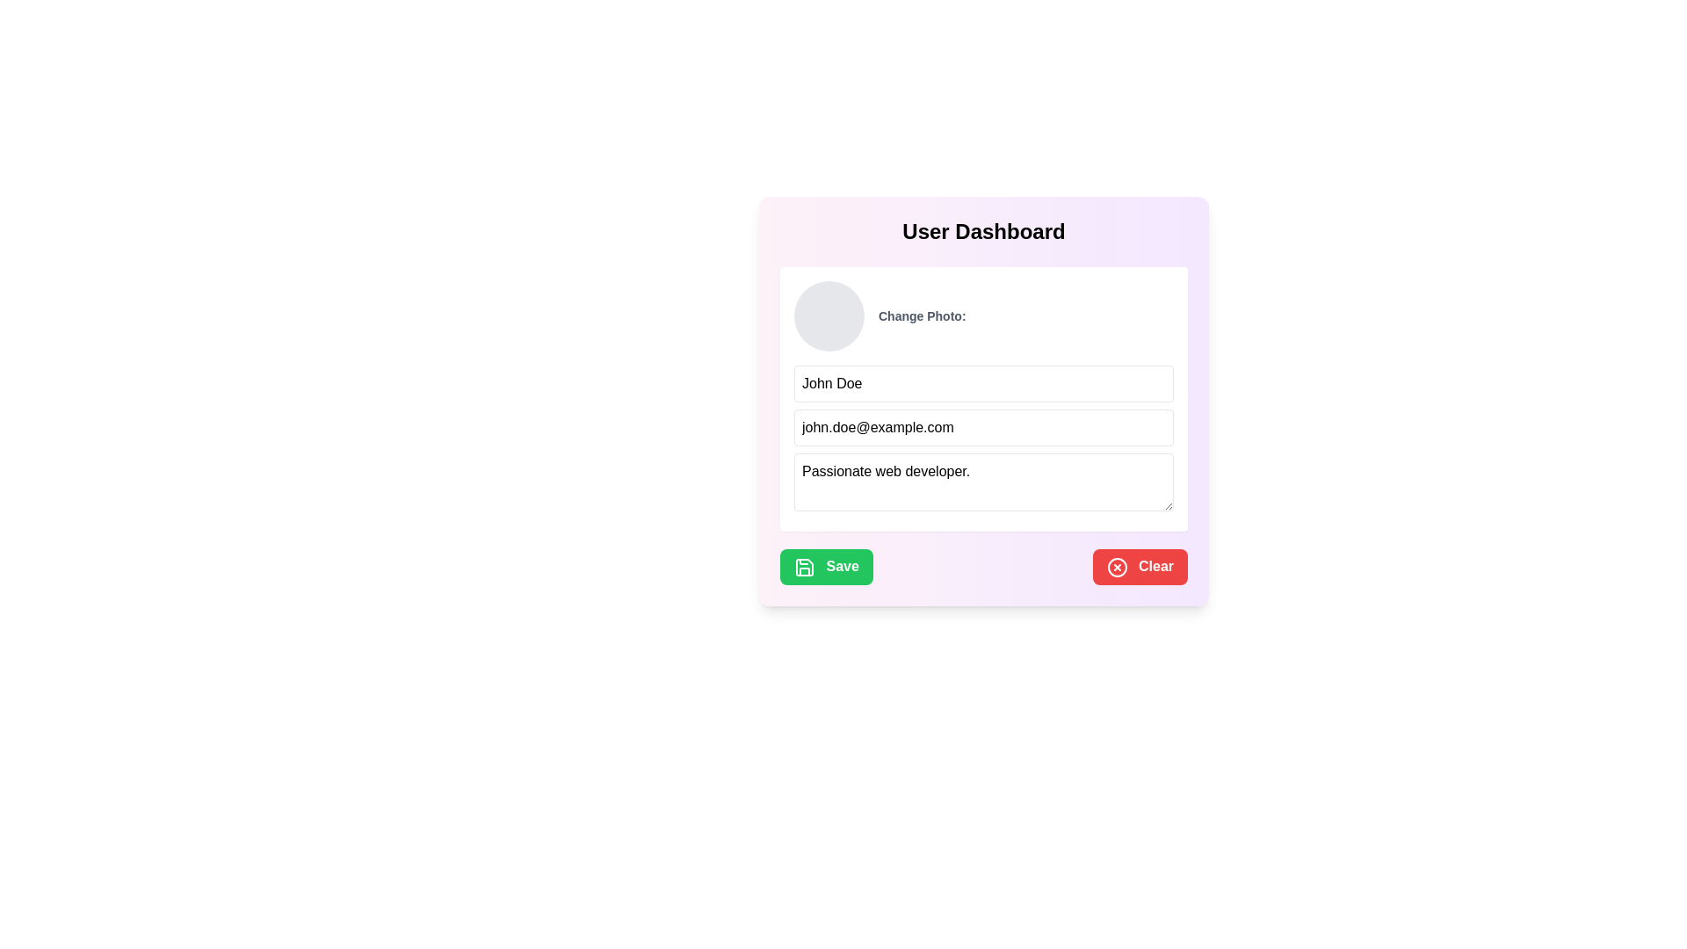 Image resolution: width=1687 pixels, height=949 pixels. What do you see at coordinates (804, 566) in the screenshot?
I see `the Save button, which features a folder or disk icon with a tab, located at the bottom-left corner of the interface next to the Clear button` at bounding box center [804, 566].